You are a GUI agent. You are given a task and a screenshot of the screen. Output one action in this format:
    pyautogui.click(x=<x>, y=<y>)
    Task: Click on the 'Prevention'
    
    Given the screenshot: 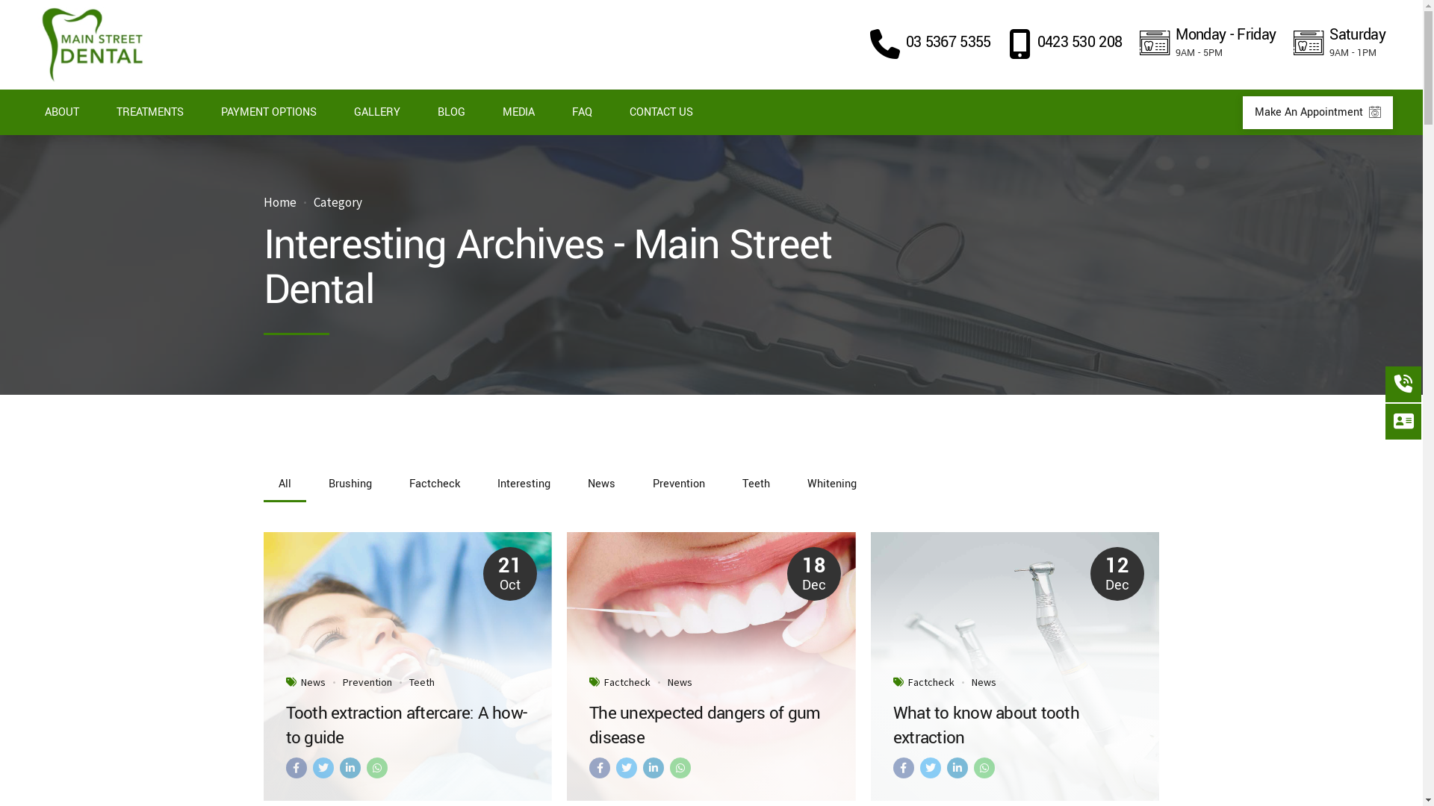 What is the action you would take?
    pyautogui.click(x=366, y=682)
    